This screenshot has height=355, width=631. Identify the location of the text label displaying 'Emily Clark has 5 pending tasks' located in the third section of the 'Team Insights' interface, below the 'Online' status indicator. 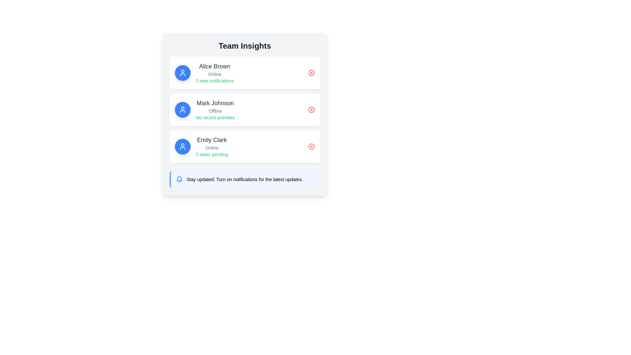
(212, 154).